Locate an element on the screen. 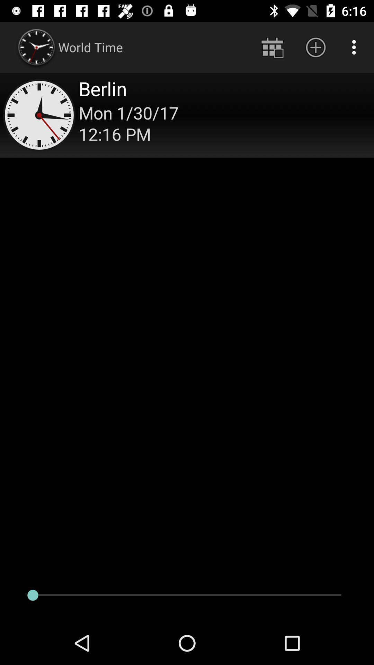  item next to the world time is located at coordinates (272, 47).